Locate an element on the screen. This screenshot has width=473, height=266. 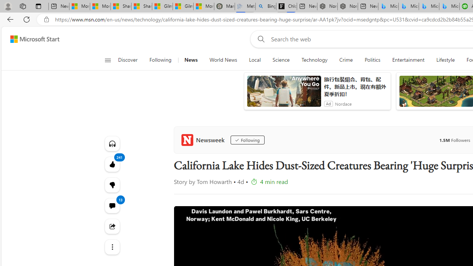
'Microsoft Bing Travel - Stays in Bangkok, Bangkok, Thailand' is located at coordinates (408, 6).